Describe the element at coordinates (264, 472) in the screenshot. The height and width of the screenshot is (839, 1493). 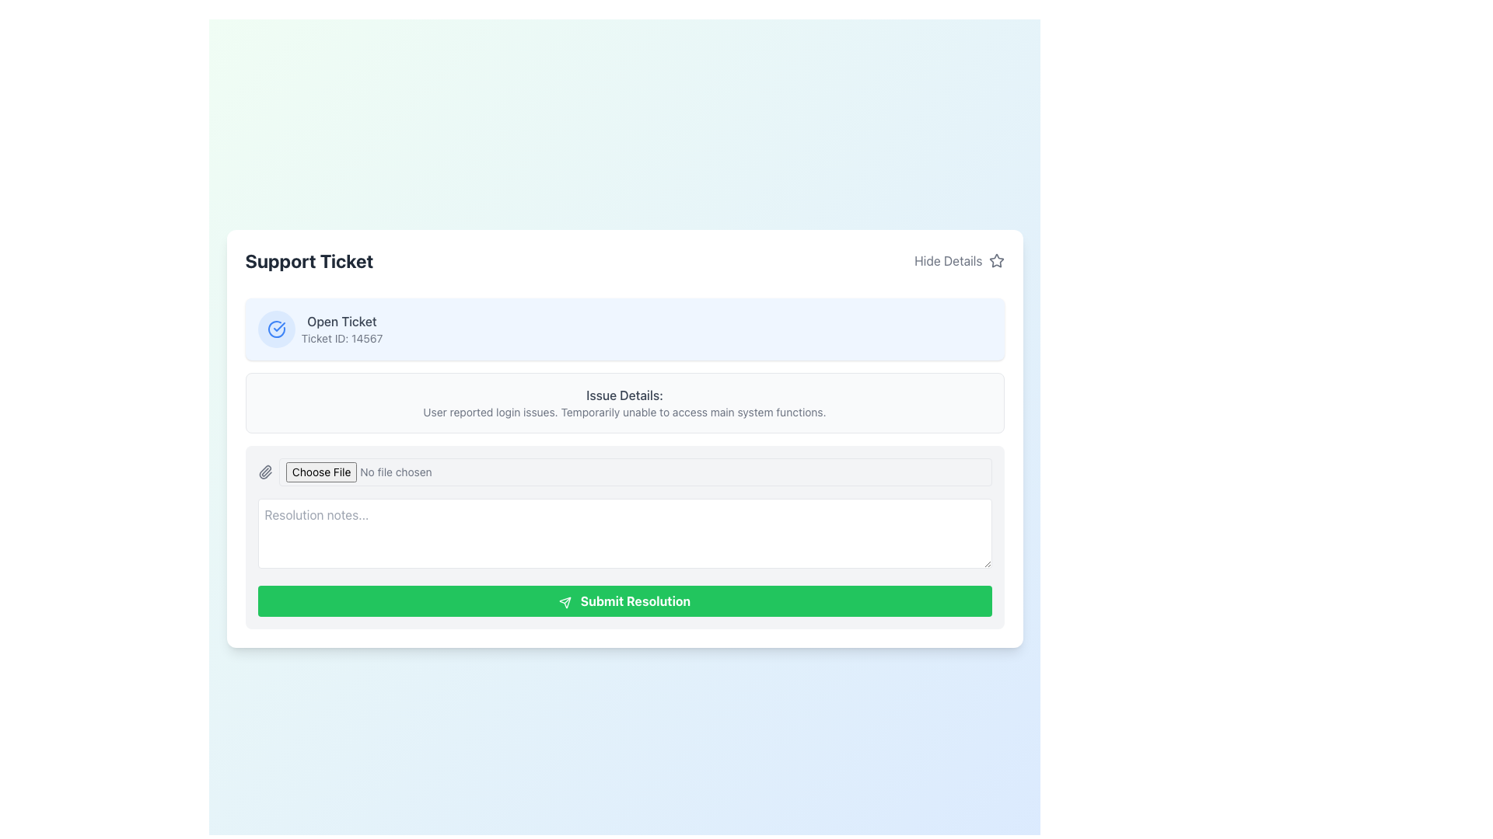
I see `the SVG element that is part of the paperclip icon, which is styled in gray and indicates a file upload area near the 'Choose File' button in the 'Support Ticket' section` at that location.